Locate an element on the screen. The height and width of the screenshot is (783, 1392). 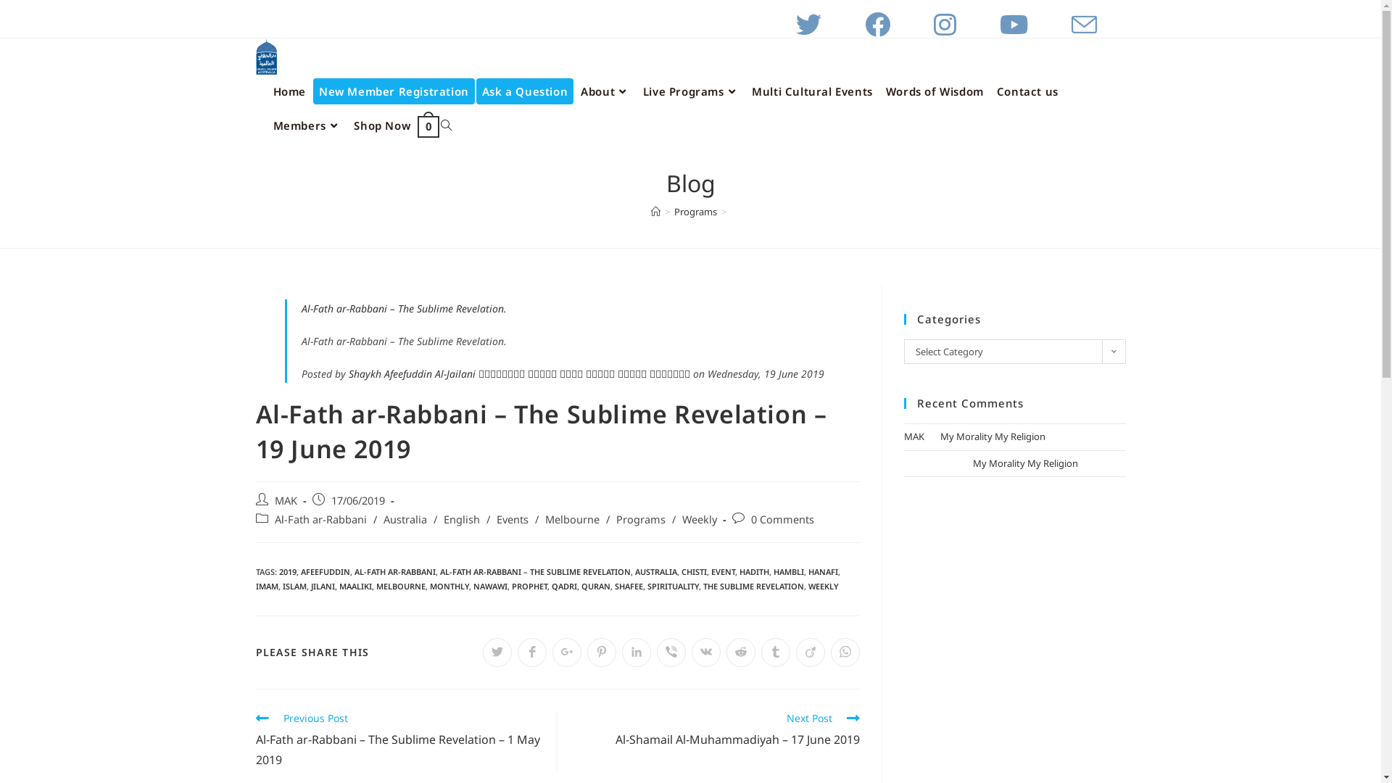
'Shop Now' is located at coordinates (382, 125).